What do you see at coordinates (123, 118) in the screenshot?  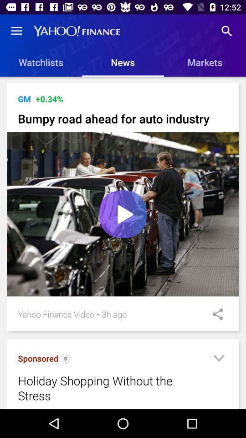 I see `item below gm icon` at bounding box center [123, 118].